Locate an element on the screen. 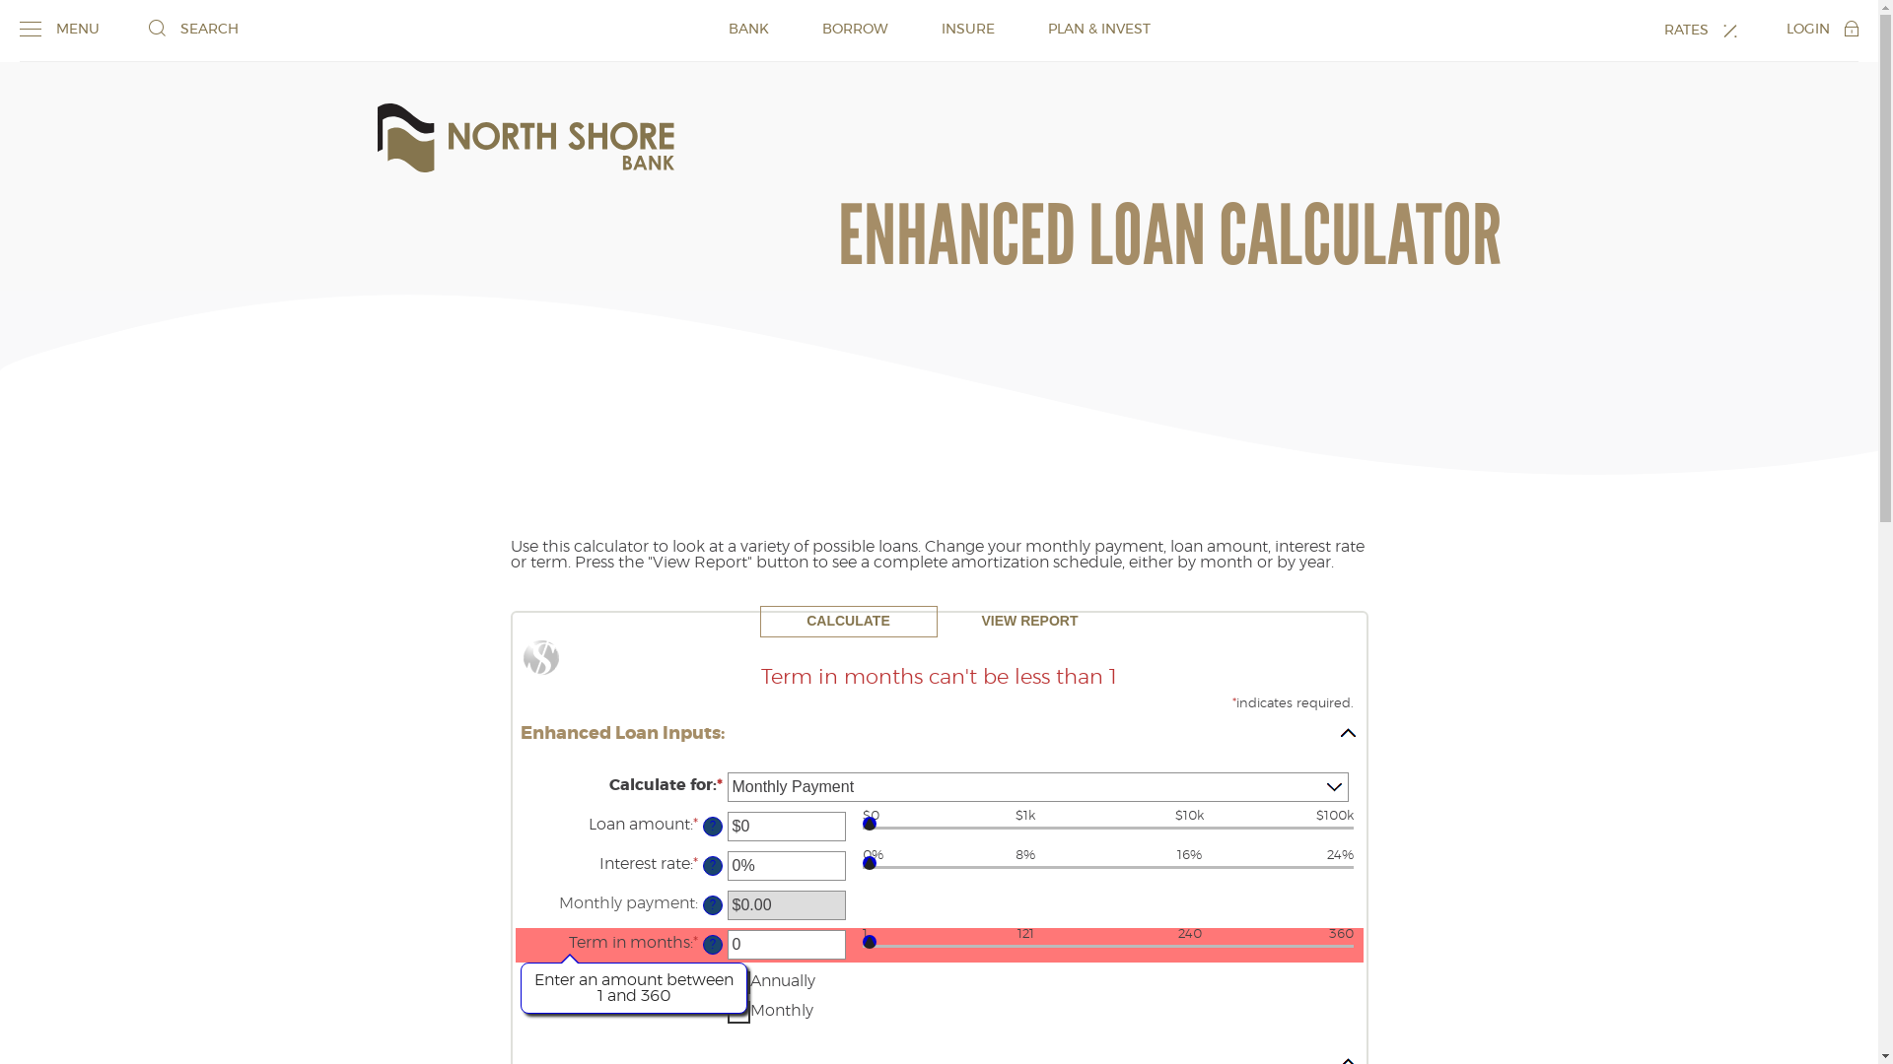 Image resolution: width=1893 pixels, height=1064 pixels. 'Interest rate slider' is located at coordinates (1107, 869).